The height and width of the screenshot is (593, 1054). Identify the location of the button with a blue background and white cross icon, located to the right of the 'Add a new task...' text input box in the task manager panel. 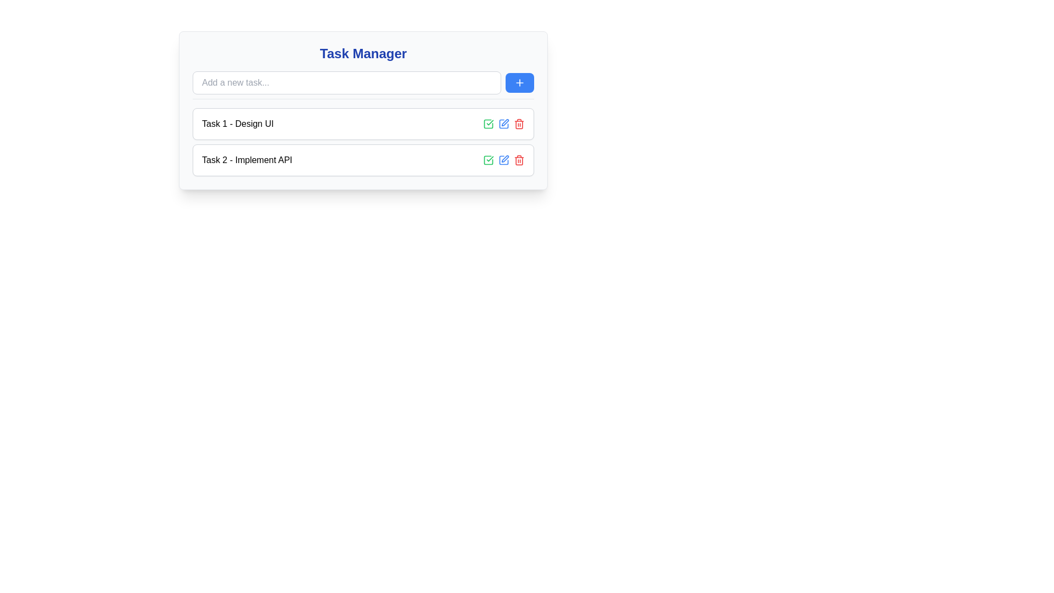
(519, 82).